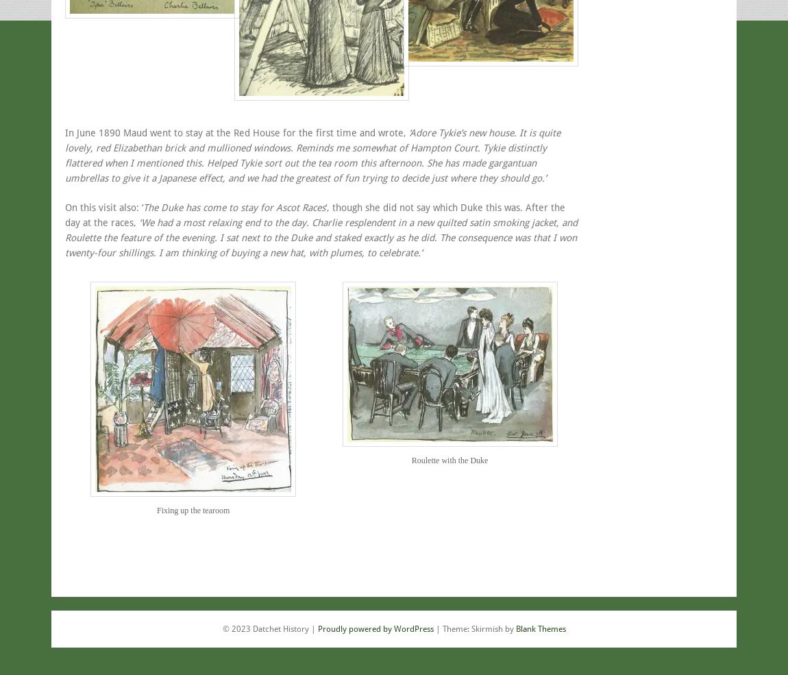 This screenshot has height=675, width=788. I want to click on 'The Duke has come to stay for Ascot Races', so click(234, 207).